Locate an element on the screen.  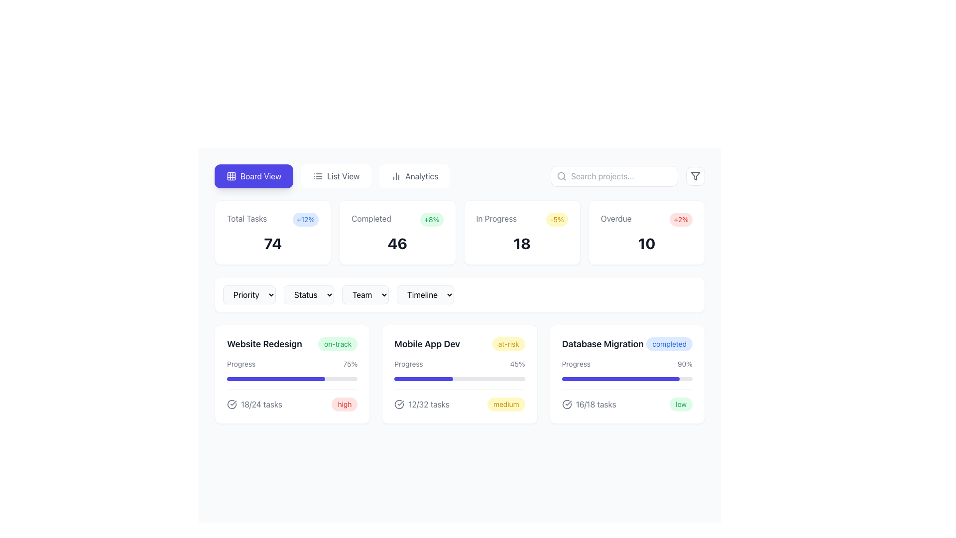
Text label that describes the associated statistical data for completed tasks, located in the second block from the left under 'Total Tasks' is located at coordinates (371, 218).